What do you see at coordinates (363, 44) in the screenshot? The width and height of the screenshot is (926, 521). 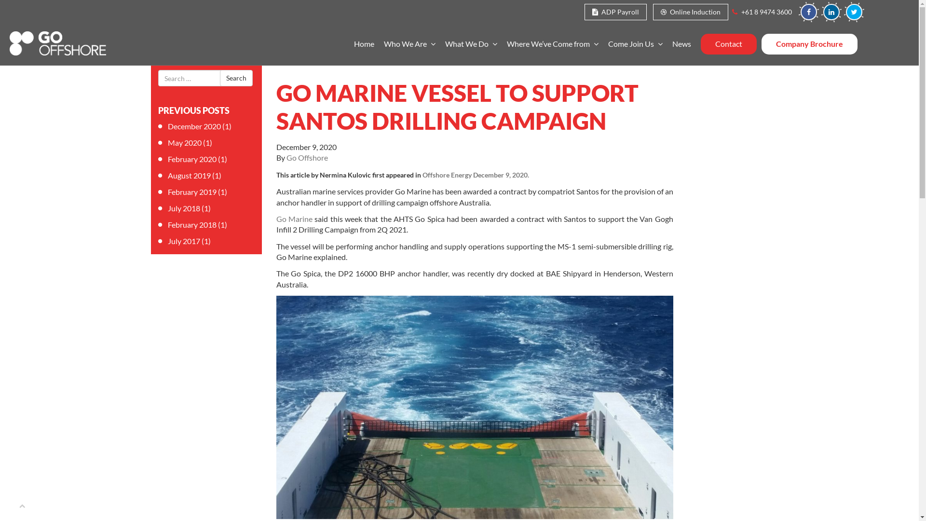 I see `'Home'` at bounding box center [363, 44].